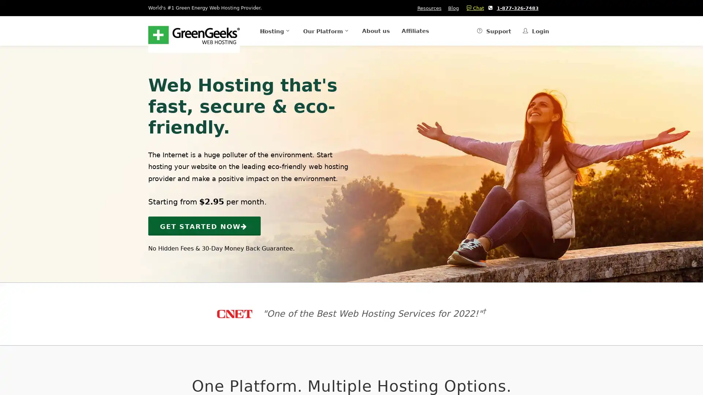 Image resolution: width=703 pixels, height=395 pixels. Describe the element at coordinates (12, 358) in the screenshot. I see `Explore your accessibility options` at that location.